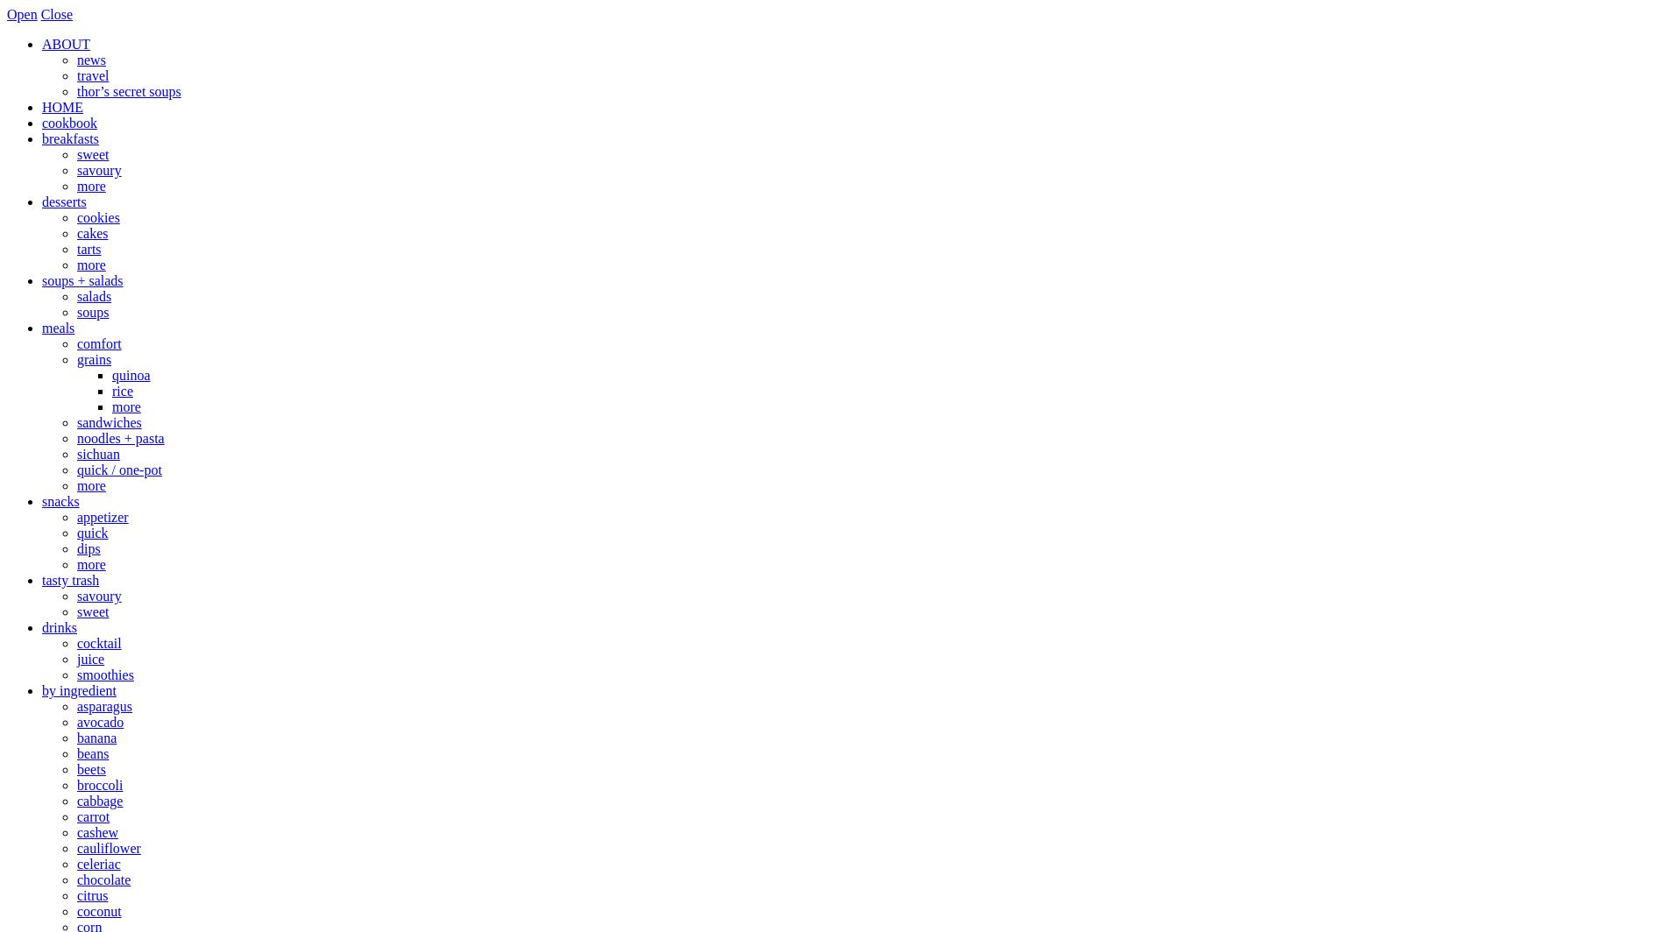 Image resolution: width=1665 pixels, height=932 pixels. Describe the element at coordinates (76, 249) in the screenshot. I see `'tarts'` at that location.